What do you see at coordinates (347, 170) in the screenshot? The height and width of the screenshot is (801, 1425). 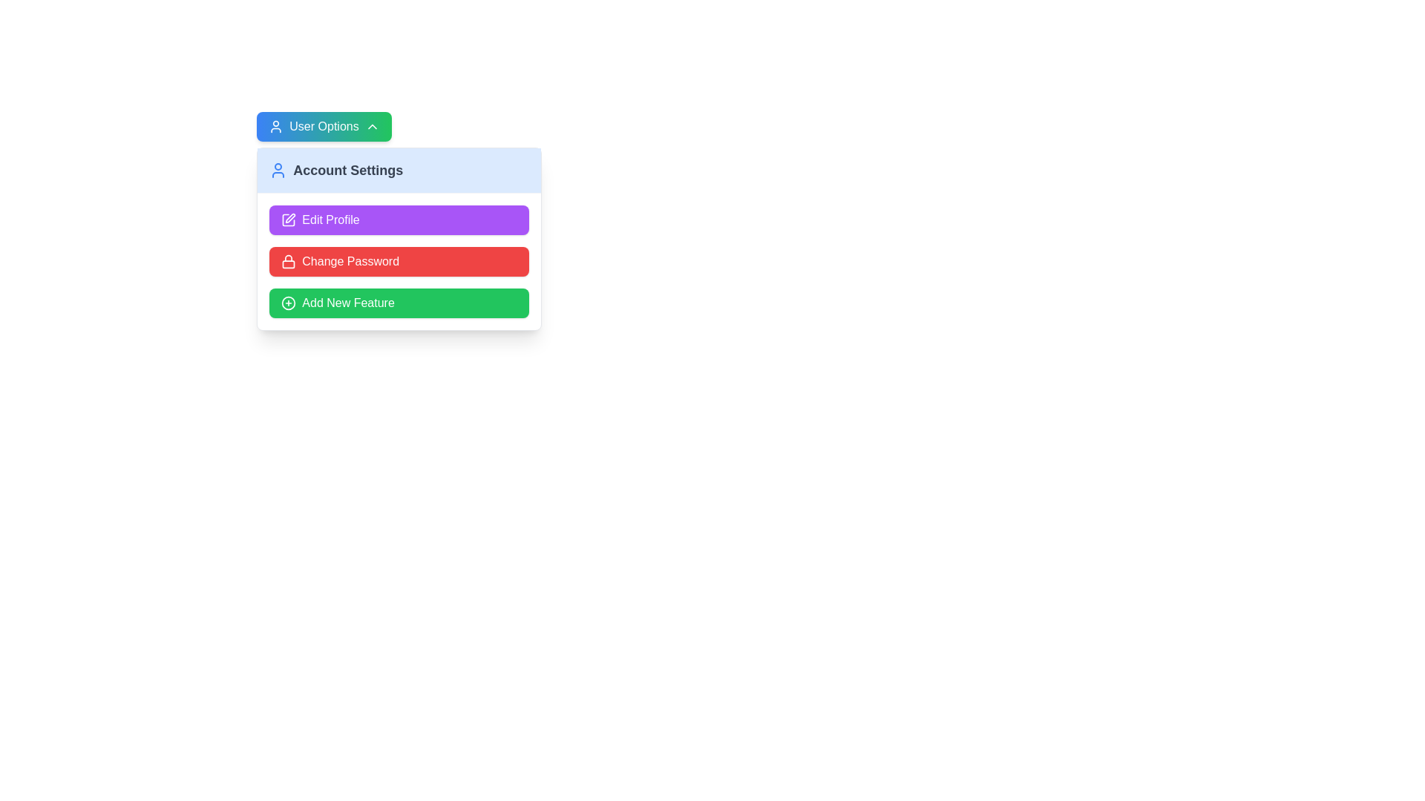 I see `text label that displays 'Account Settings' prominently in bold on a light blue background, located below the 'User Options' button and to the right of a small user icon` at bounding box center [347, 170].